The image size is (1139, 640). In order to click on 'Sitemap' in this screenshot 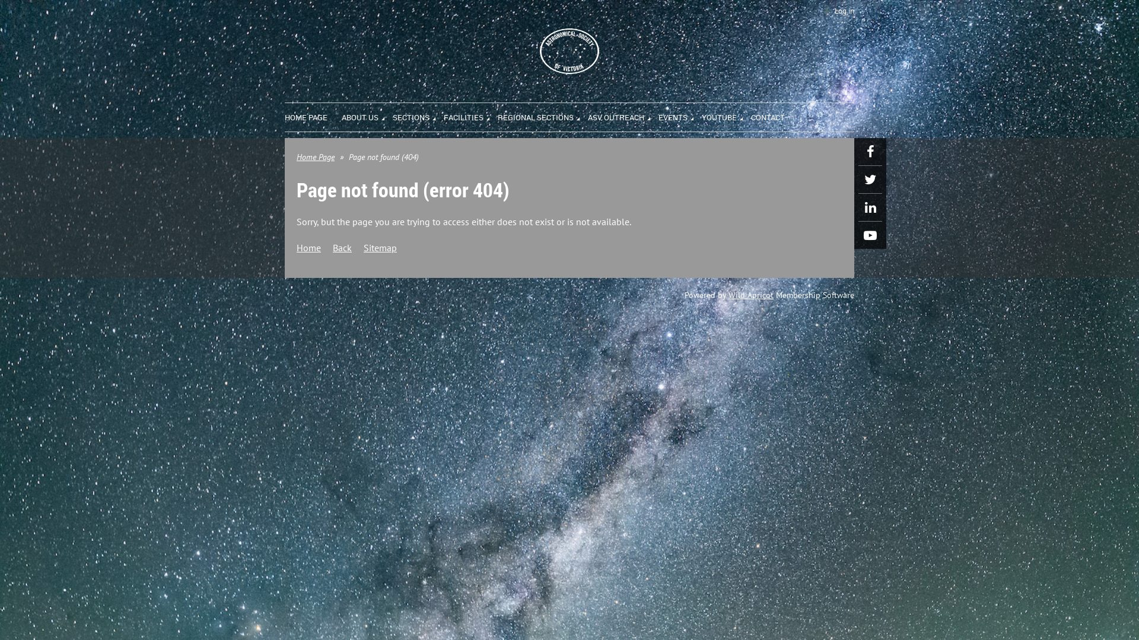, I will do `click(380, 247)`.